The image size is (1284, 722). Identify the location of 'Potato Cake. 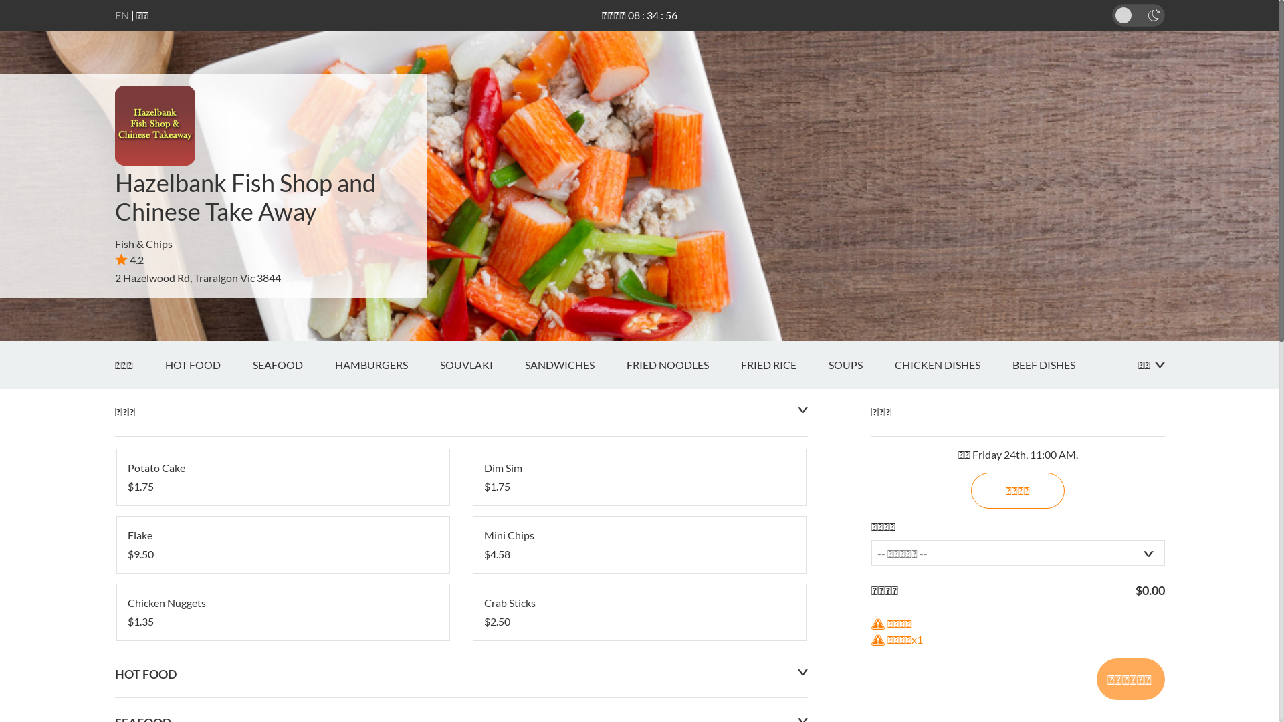
(282, 476).